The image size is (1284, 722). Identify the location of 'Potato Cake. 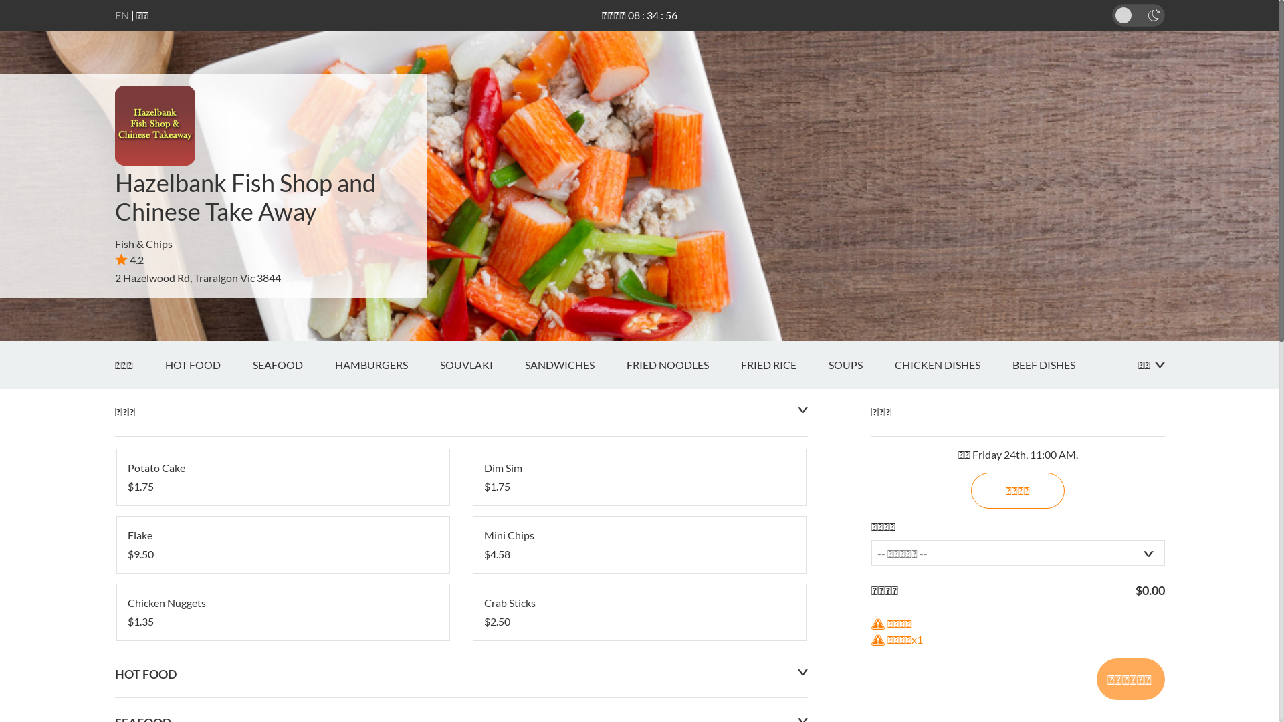
(282, 476).